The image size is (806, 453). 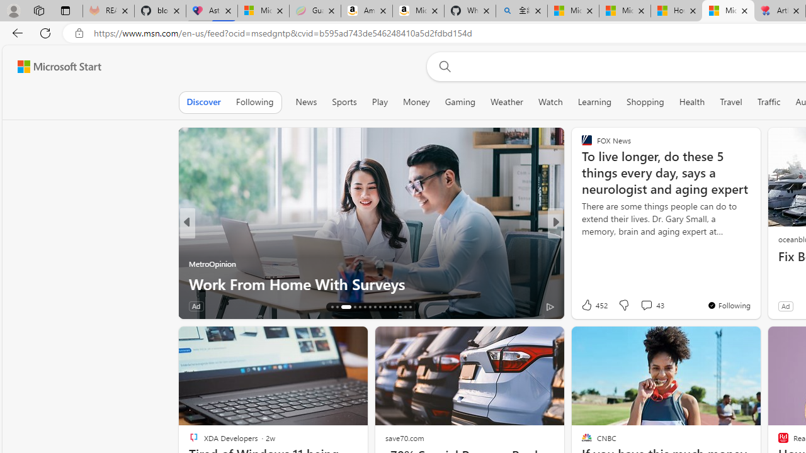 I want to click on '452 Like', so click(x=593, y=305).